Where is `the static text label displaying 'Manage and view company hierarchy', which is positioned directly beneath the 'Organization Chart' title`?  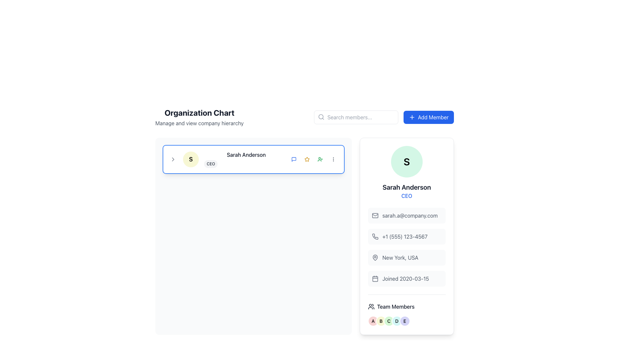 the static text label displaying 'Manage and view company hierarchy', which is positioned directly beneath the 'Organization Chart' title is located at coordinates (199, 123).